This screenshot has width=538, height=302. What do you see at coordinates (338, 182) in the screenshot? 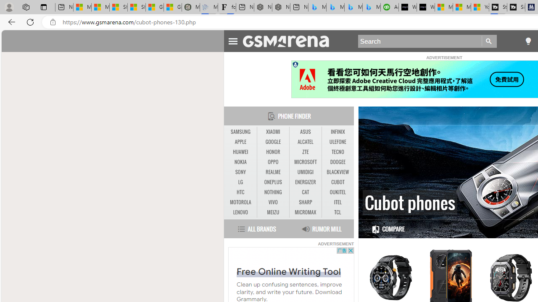
I see `'CUBOT'` at bounding box center [338, 182].